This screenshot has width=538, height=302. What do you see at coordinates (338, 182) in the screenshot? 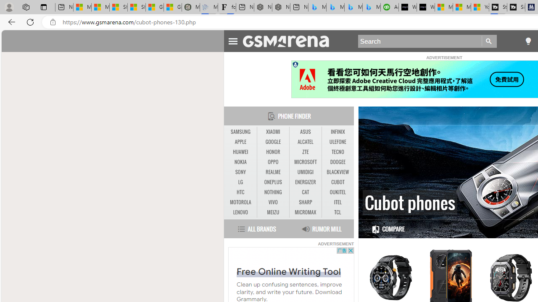
I see `'CUBOT'` at bounding box center [338, 182].